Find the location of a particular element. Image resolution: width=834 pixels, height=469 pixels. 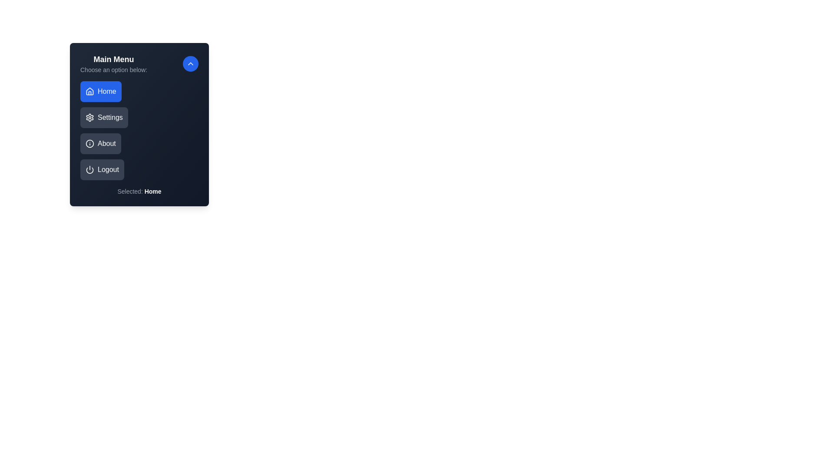

the 'Home' icon in the vertical menu is located at coordinates (89, 92).